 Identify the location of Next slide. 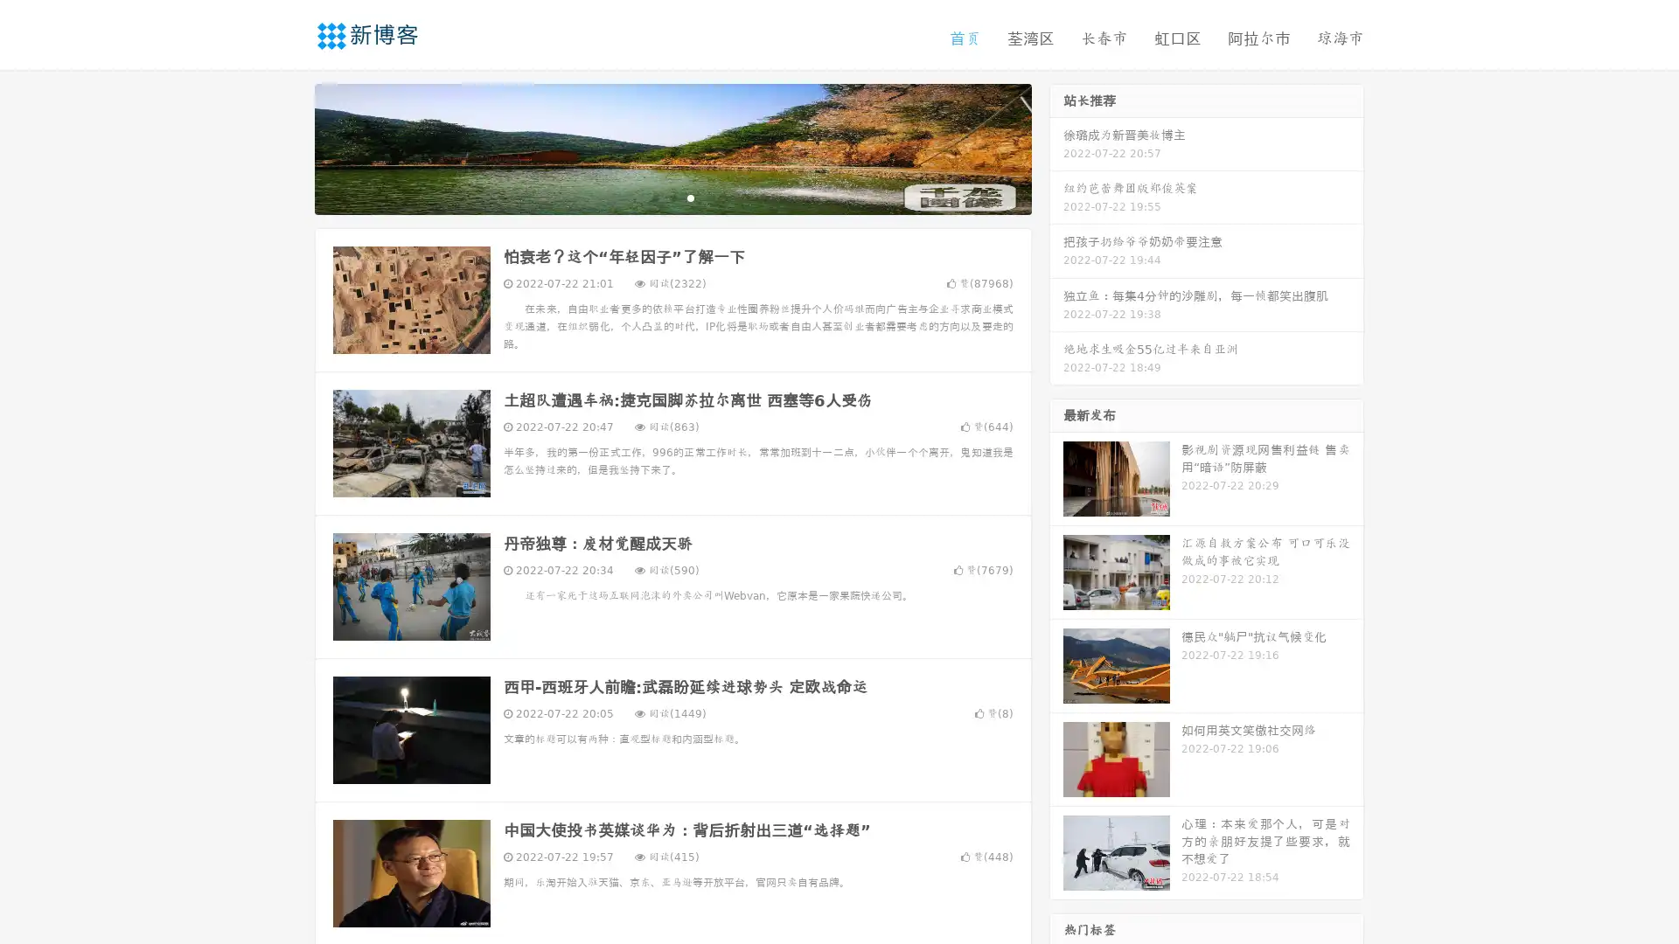
(1056, 147).